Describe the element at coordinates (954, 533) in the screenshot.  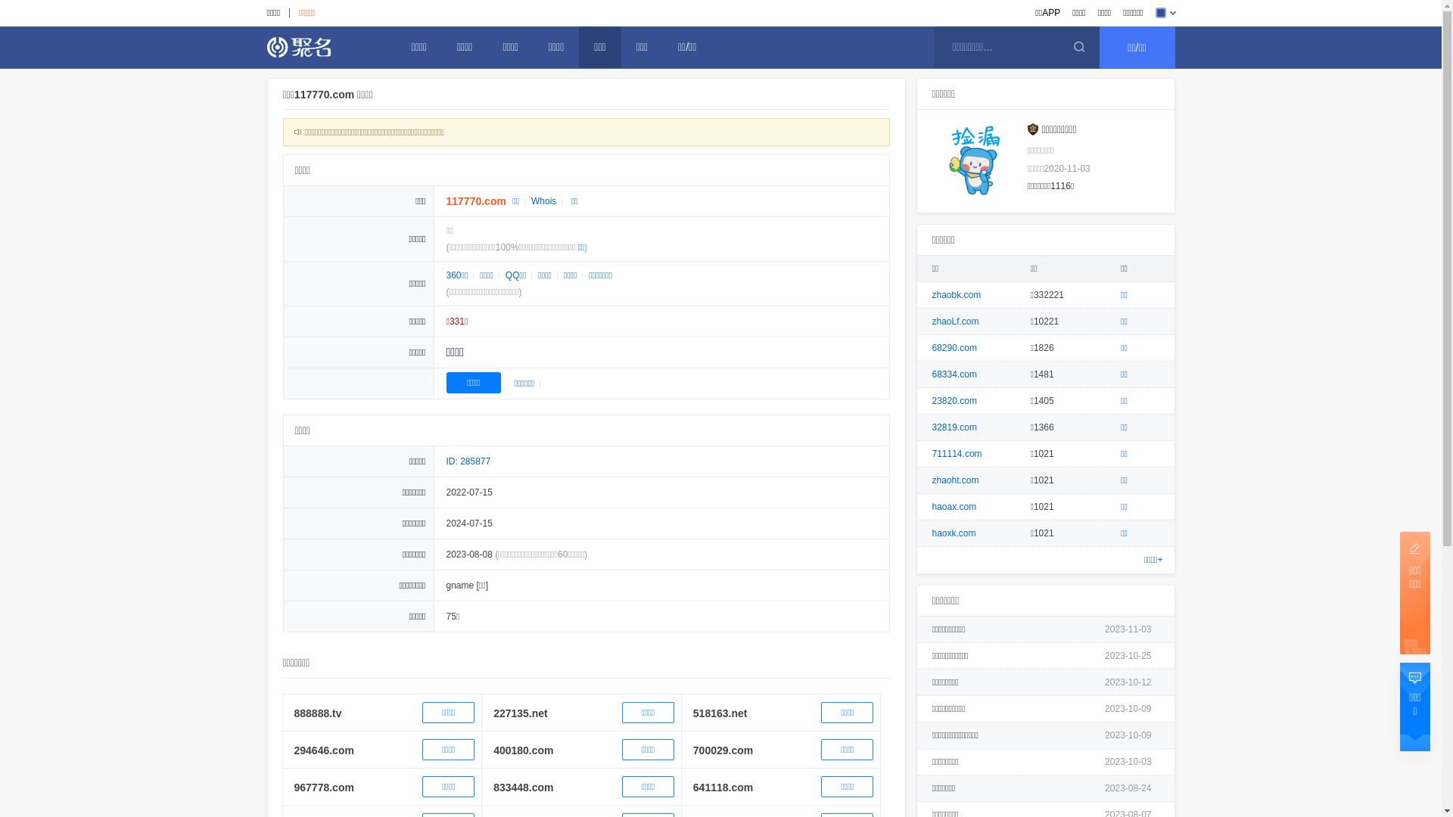
I see `'haoxk.com'` at that location.